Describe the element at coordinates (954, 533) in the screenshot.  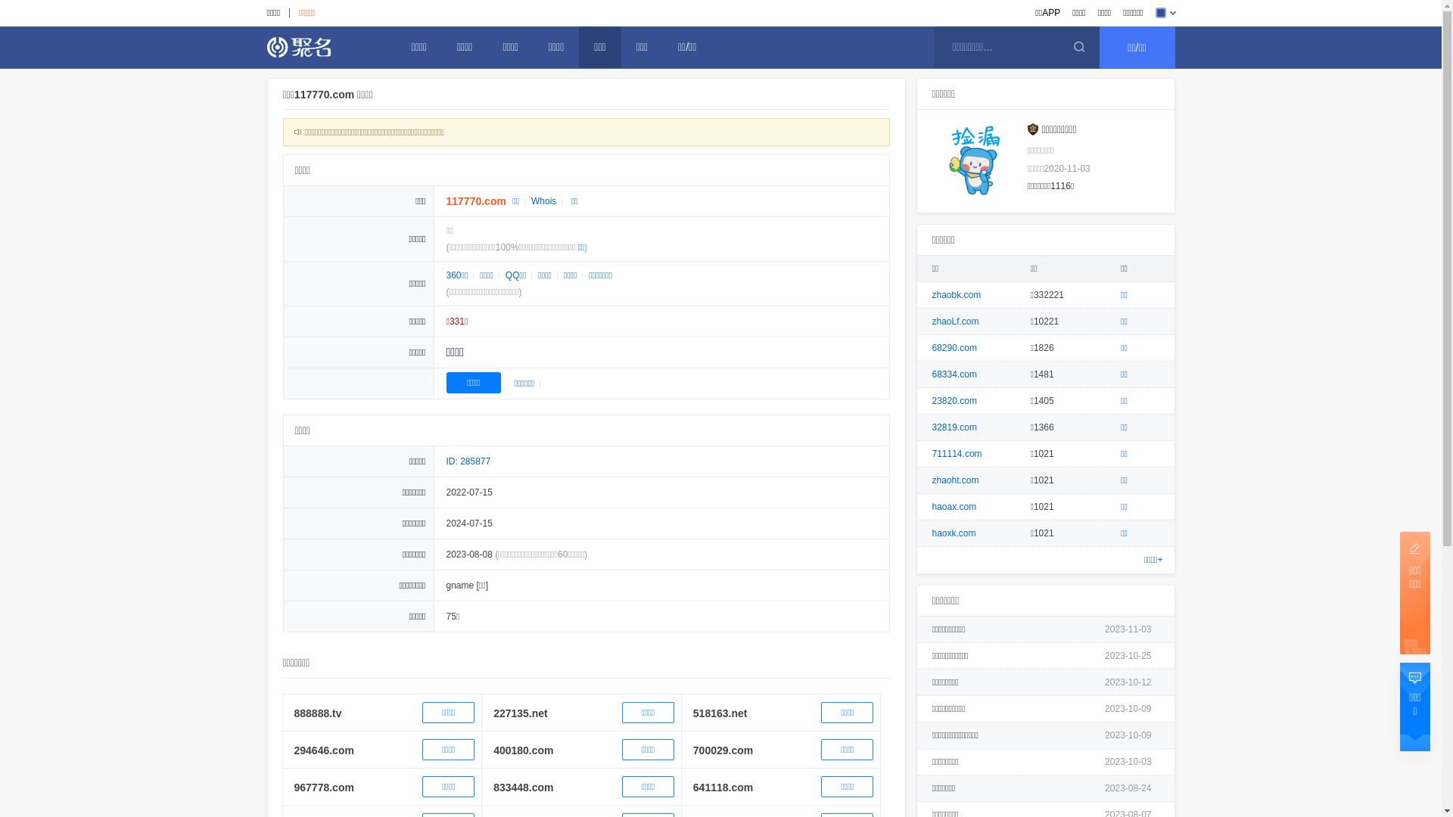
I see `'haoxk.com'` at that location.